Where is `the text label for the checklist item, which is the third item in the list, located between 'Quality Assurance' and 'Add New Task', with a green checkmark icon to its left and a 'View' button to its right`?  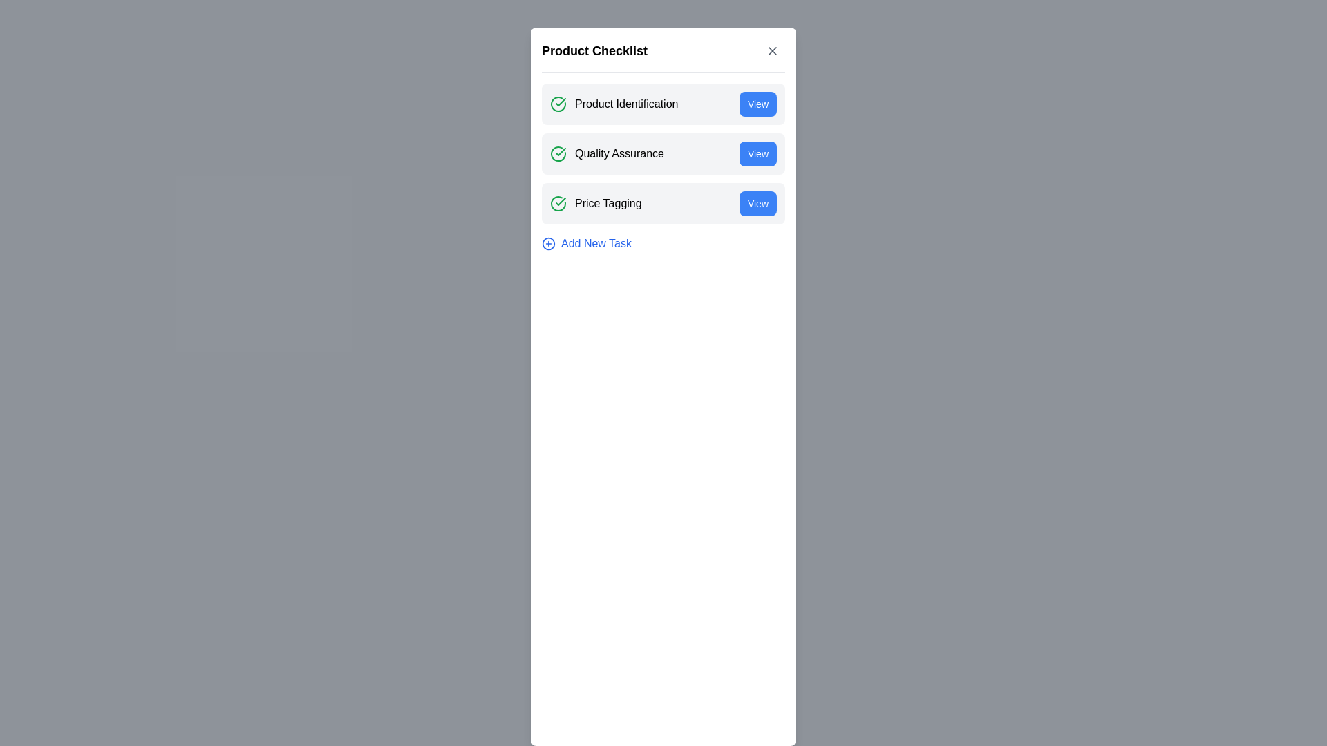
the text label for the checklist item, which is the third item in the list, located between 'Quality Assurance' and 'Add New Task', with a green checkmark icon to its left and a 'View' button to its right is located at coordinates (608, 203).